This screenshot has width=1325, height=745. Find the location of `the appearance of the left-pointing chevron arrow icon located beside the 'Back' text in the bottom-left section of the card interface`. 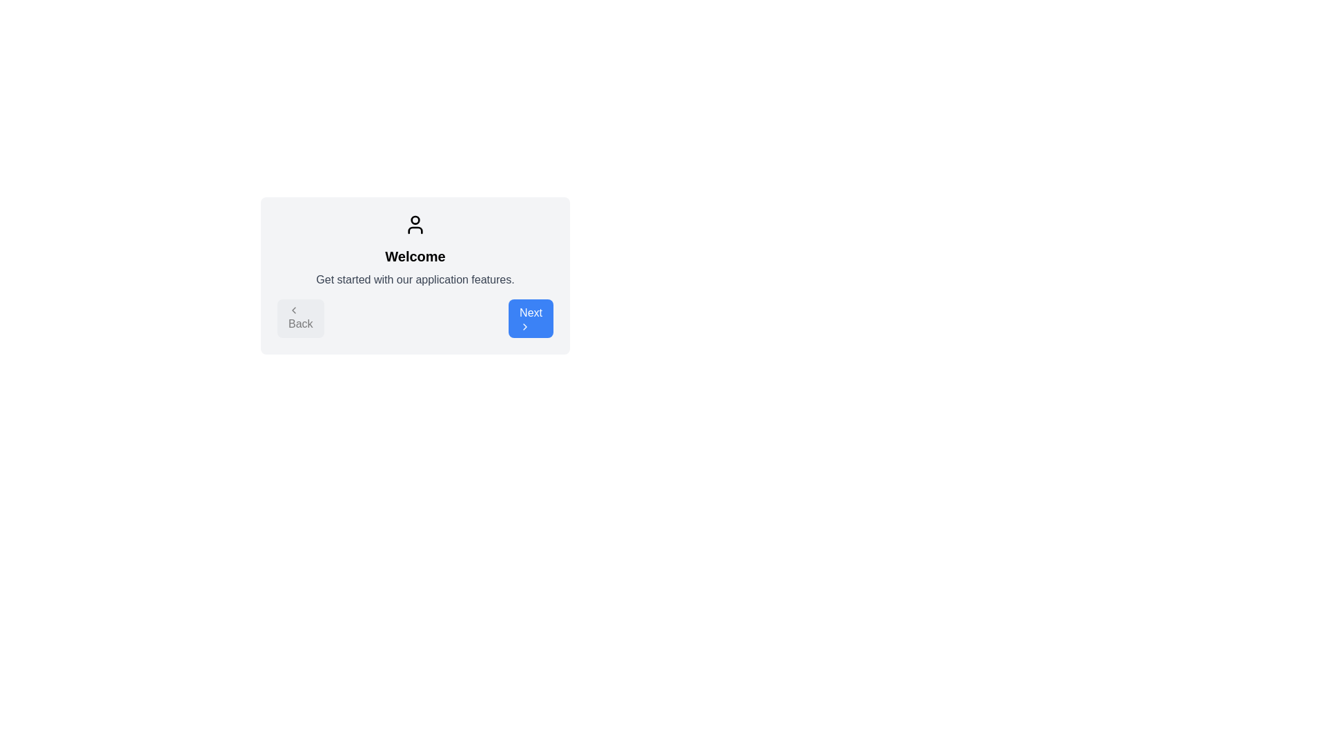

the appearance of the left-pointing chevron arrow icon located beside the 'Back' text in the bottom-left section of the card interface is located at coordinates (293, 310).